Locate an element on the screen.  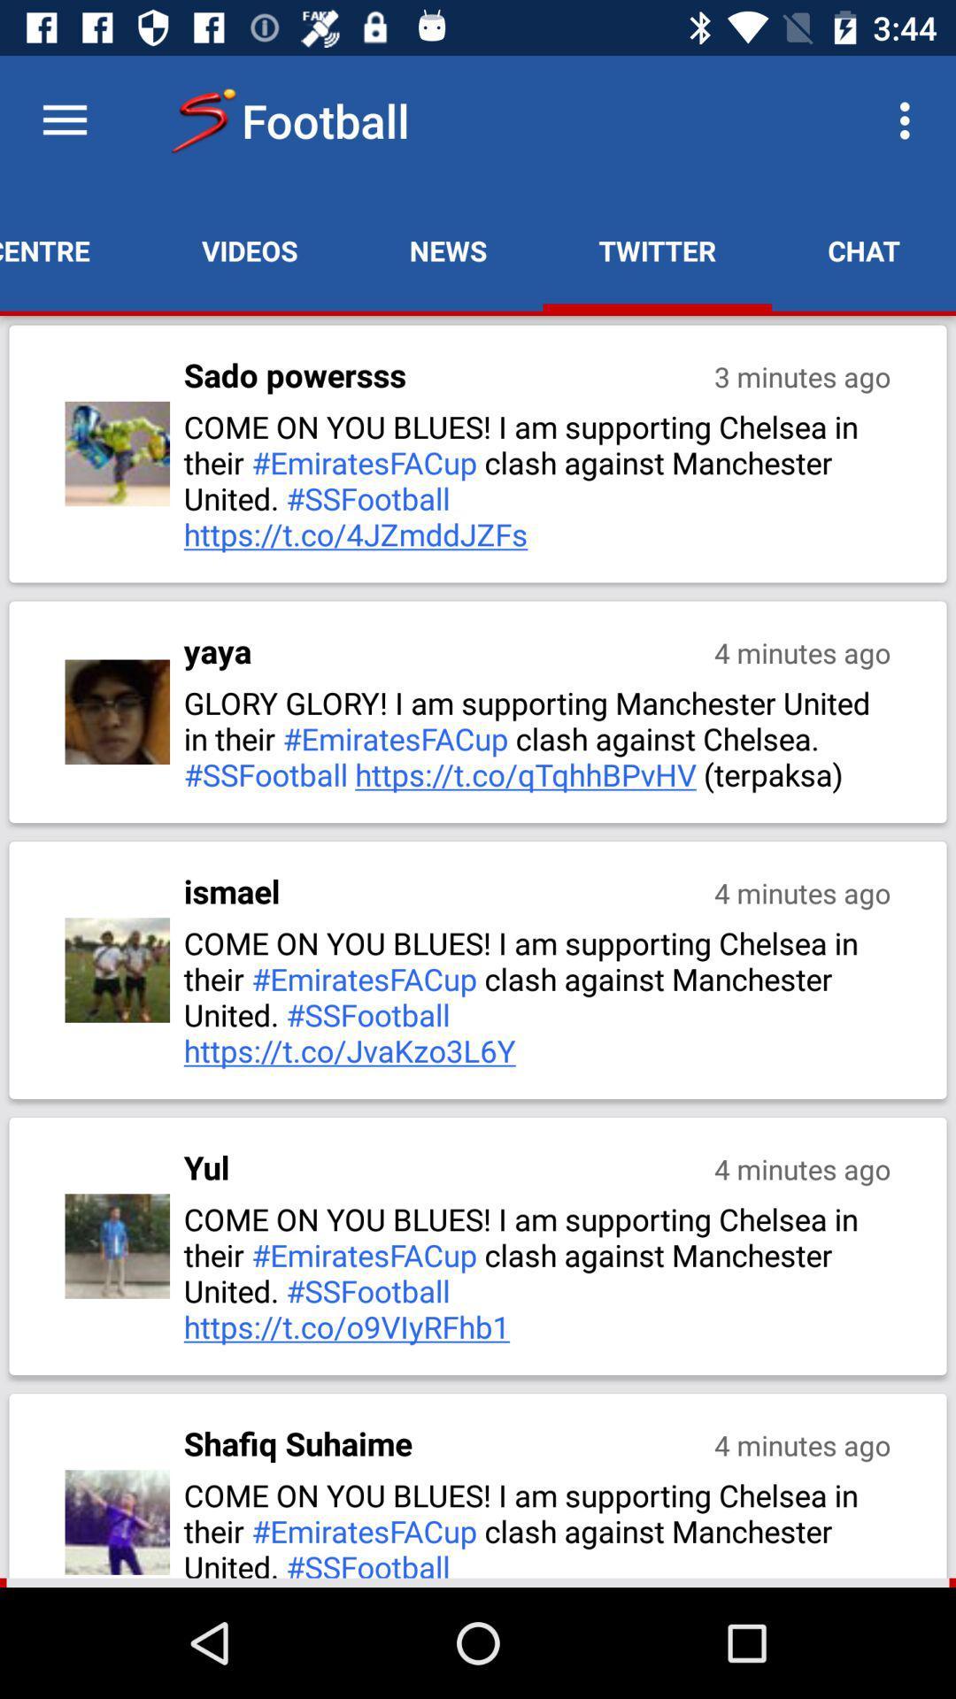
item above the sado powersss item is located at coordinates (250, 250).